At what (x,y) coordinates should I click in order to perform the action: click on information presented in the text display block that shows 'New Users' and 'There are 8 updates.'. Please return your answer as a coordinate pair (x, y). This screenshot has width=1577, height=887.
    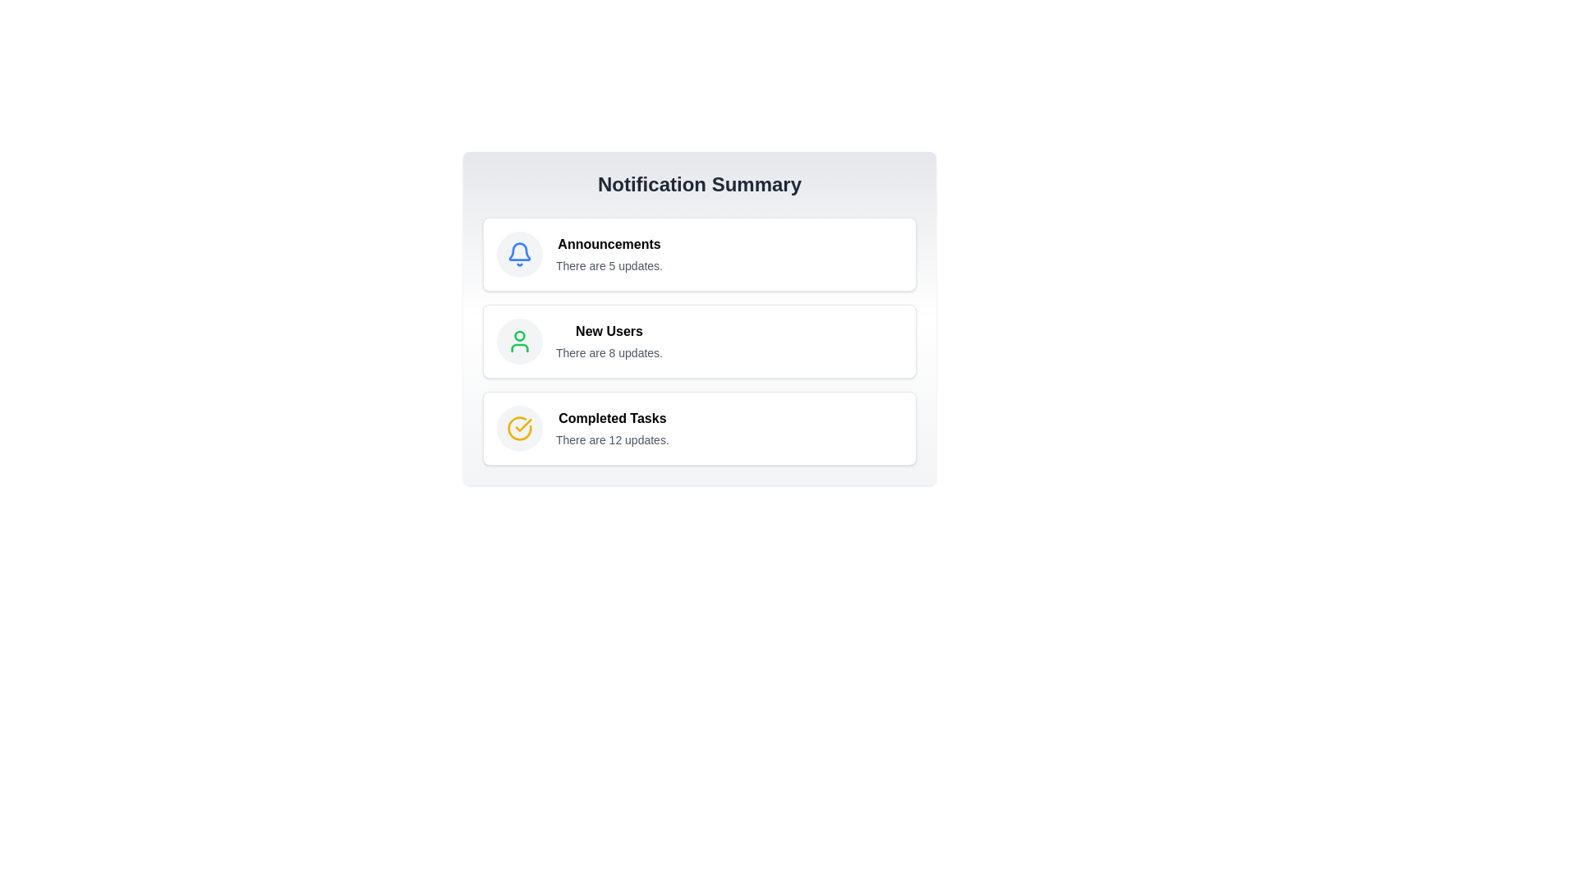
    Looking at the image, I should click on (609, 341).